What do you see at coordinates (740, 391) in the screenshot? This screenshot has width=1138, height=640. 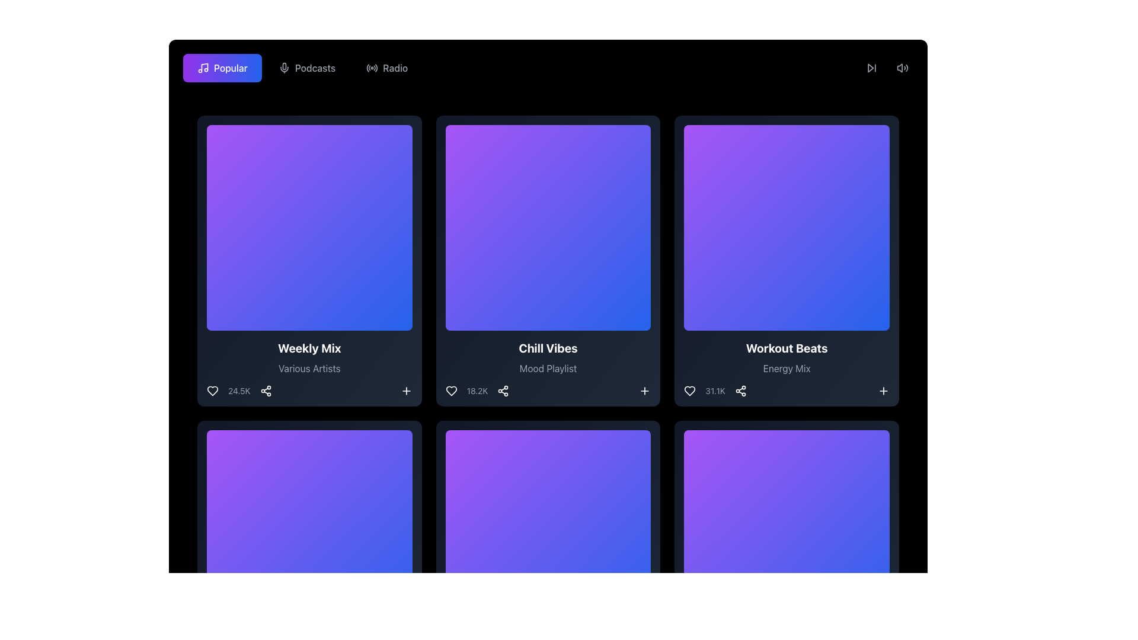 I see `the share icon styled as a network with three connected dots, located` at bounding box center [740, 391].